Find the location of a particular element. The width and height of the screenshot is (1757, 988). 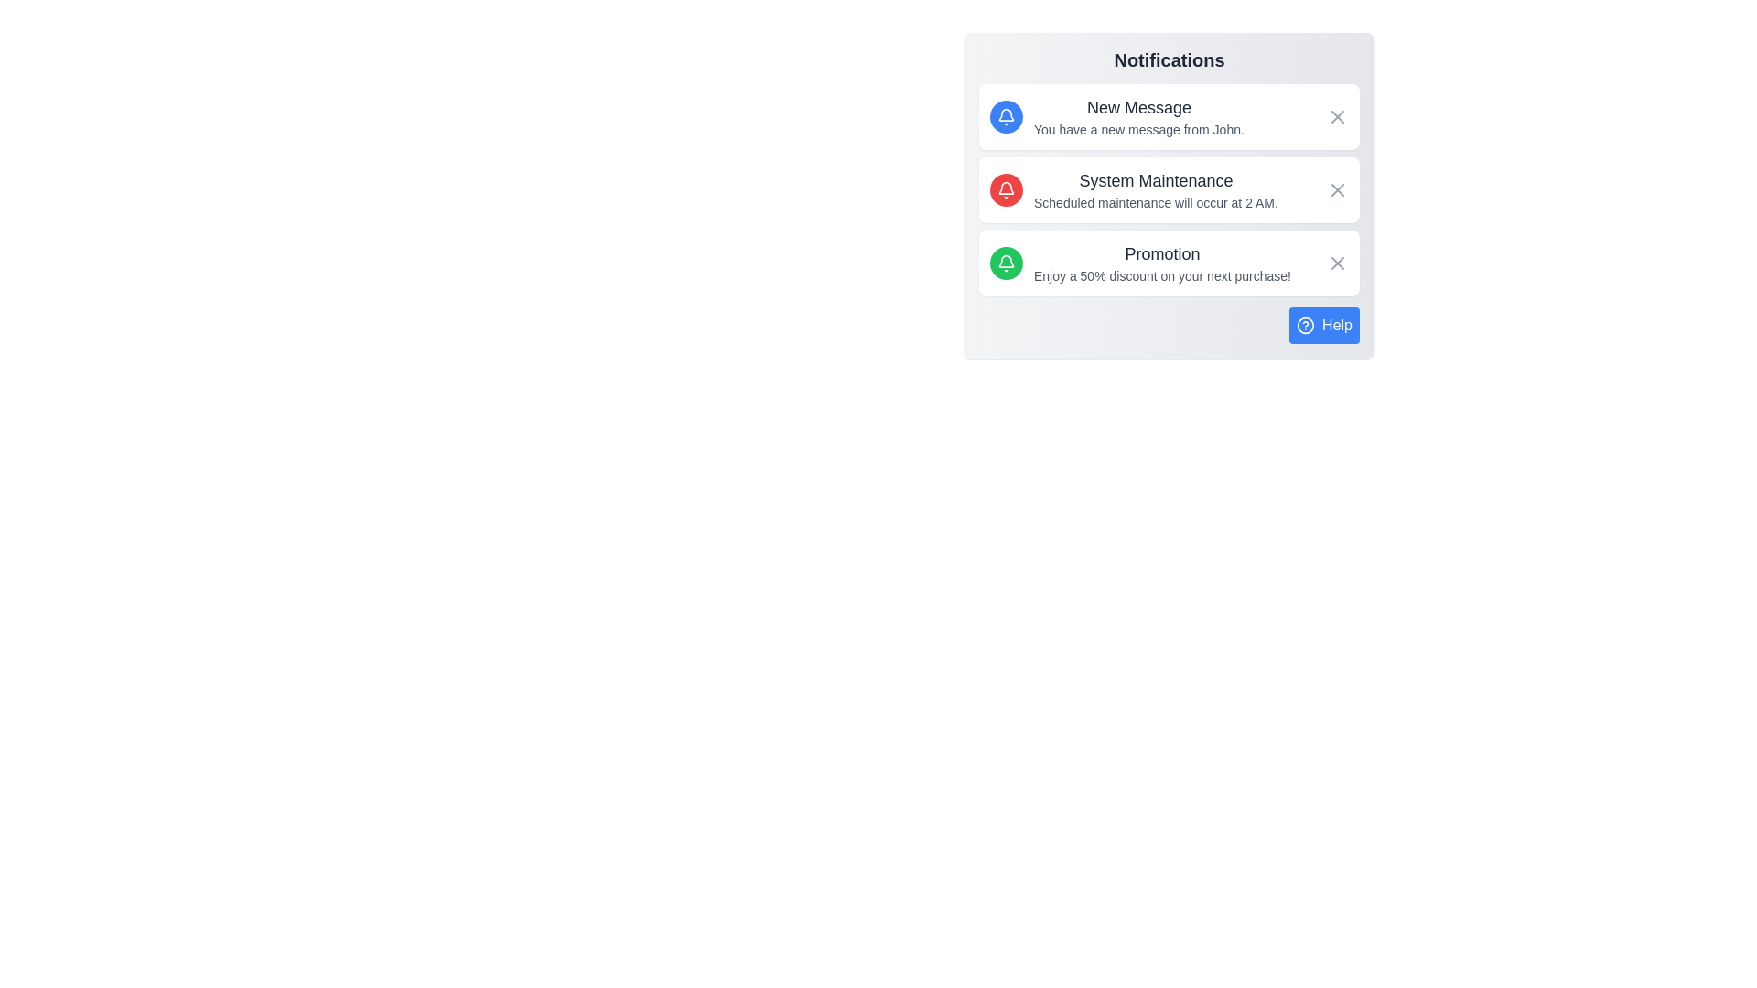

the bell icon located in the notification section at the bottom of the list, which is represented by an outlined graphical depiction of a bell symbol within a green circular background is located at coordinates (1005, 263).